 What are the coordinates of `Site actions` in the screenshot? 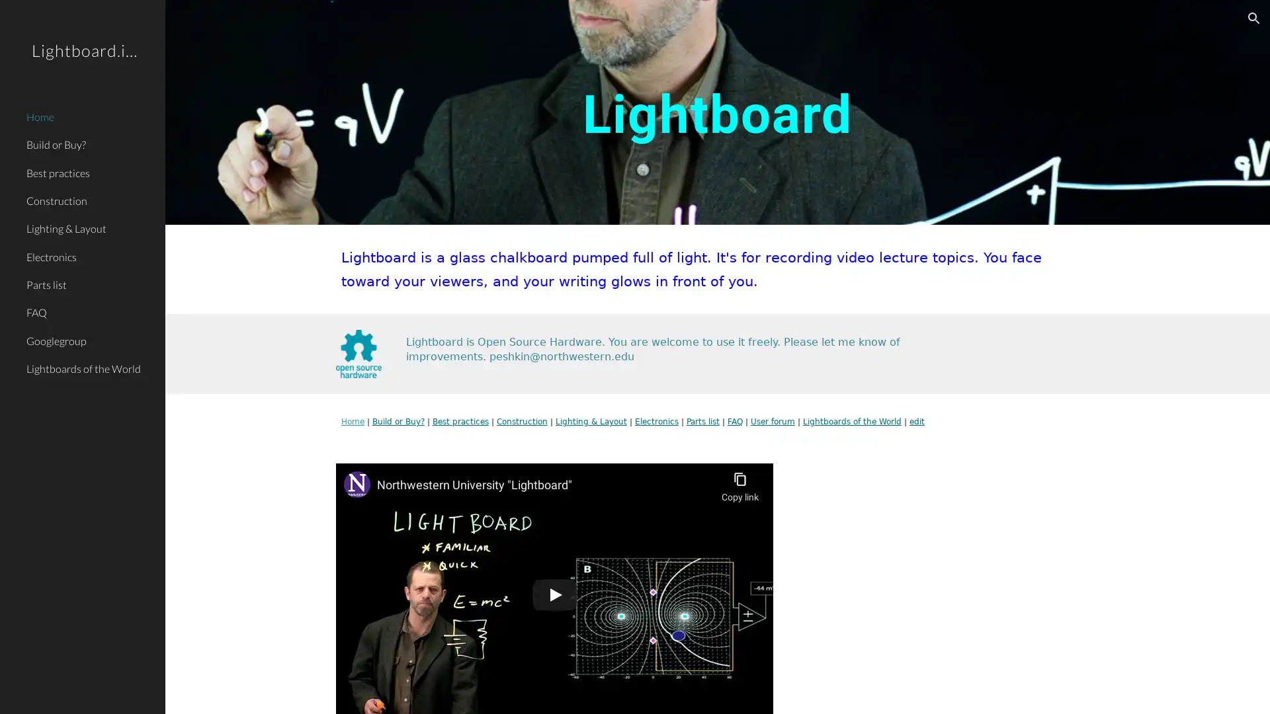 It's located at (189, 690).